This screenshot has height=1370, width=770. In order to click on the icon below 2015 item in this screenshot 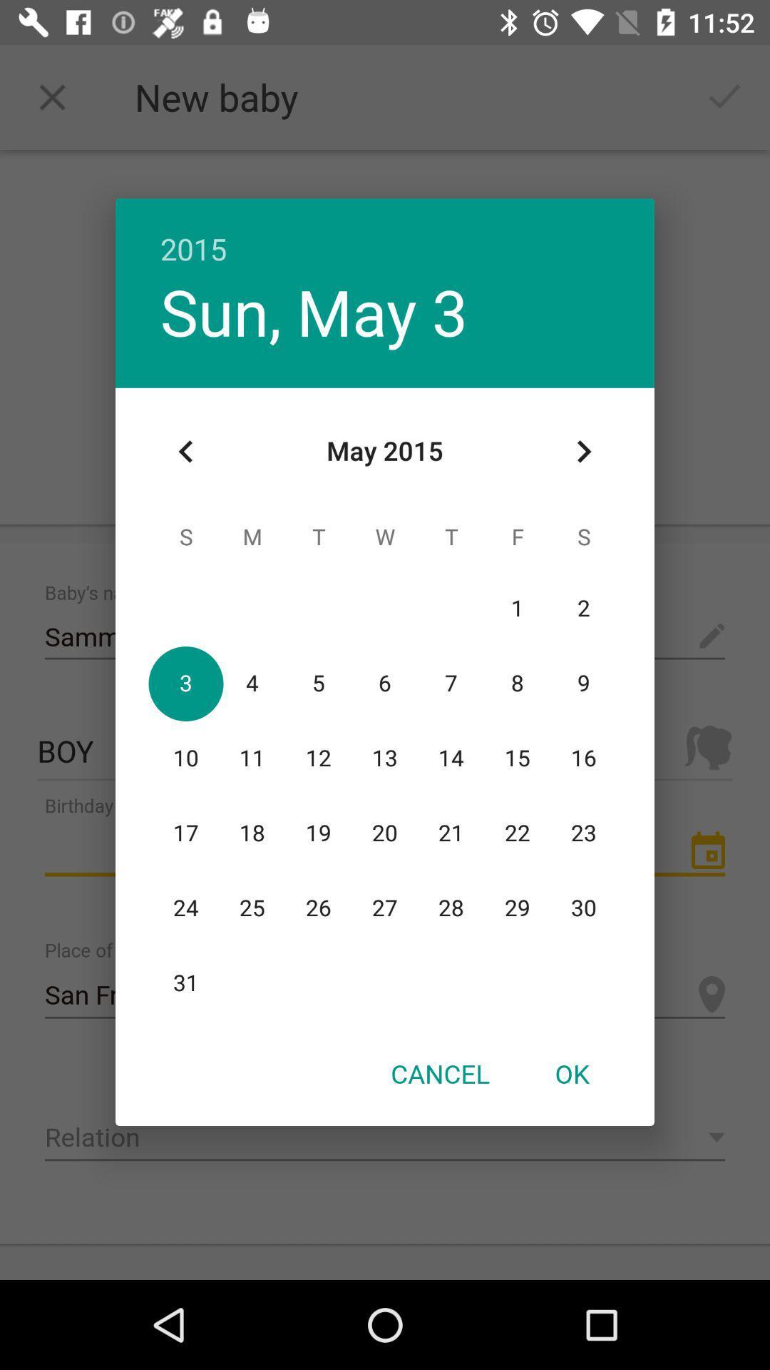, I will do `click(583, 451)`.